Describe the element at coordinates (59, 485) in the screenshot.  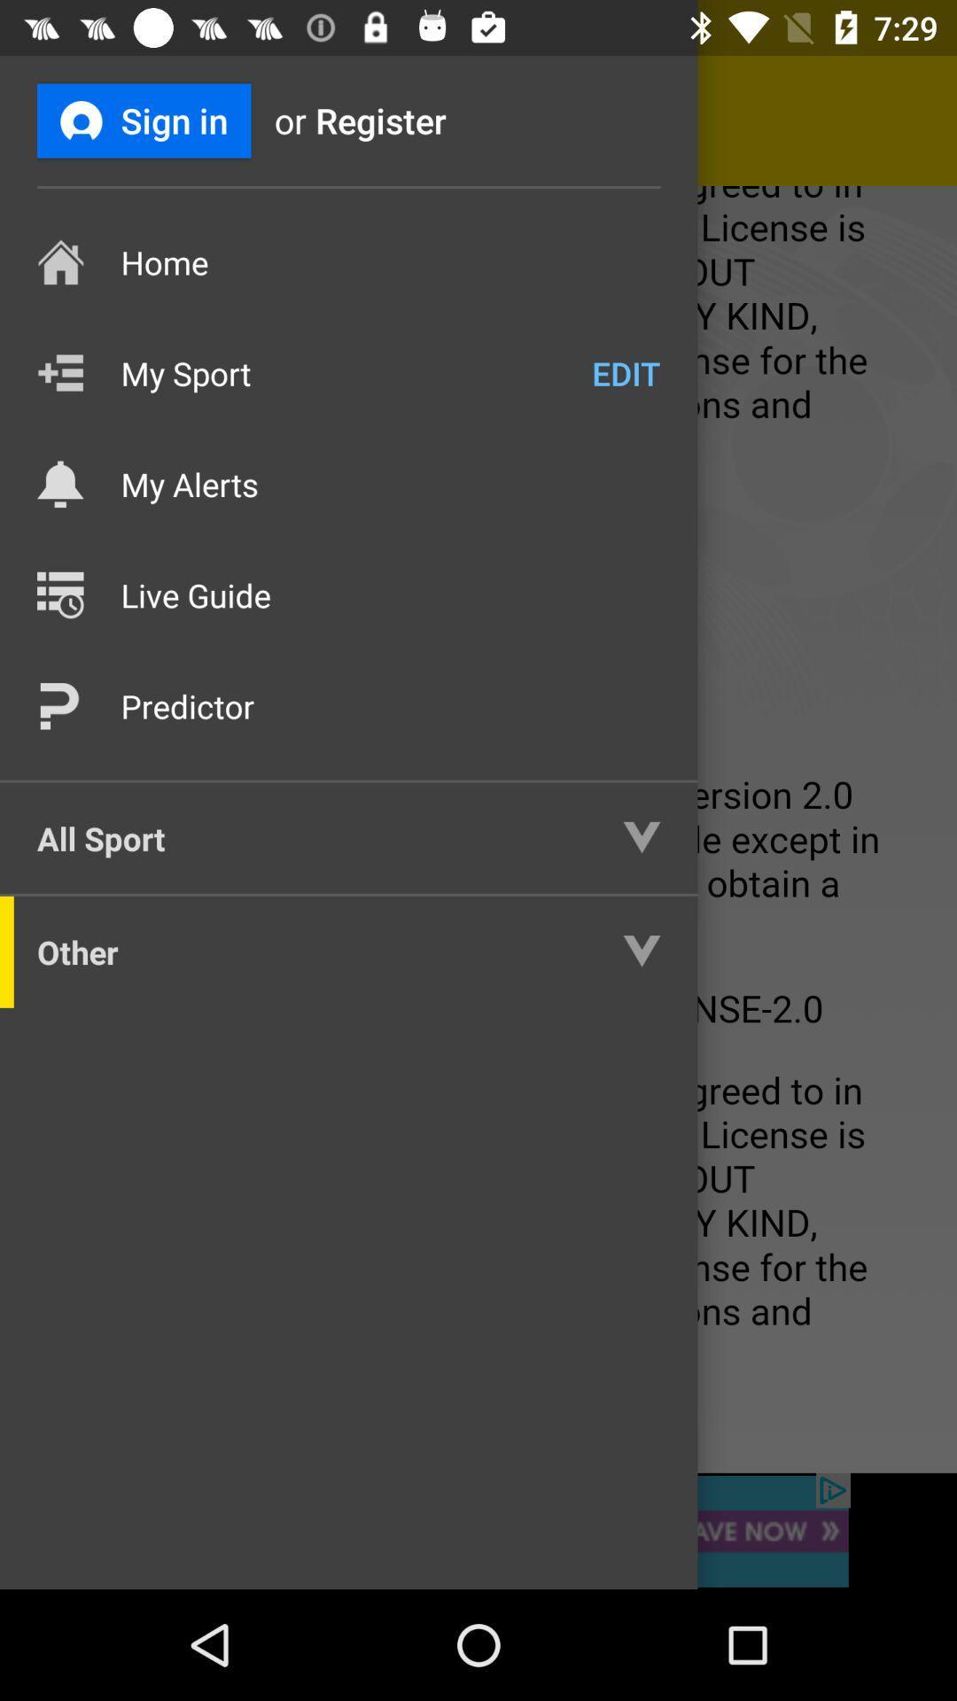
I see `the icon which is left side of the my alerts` at that location.